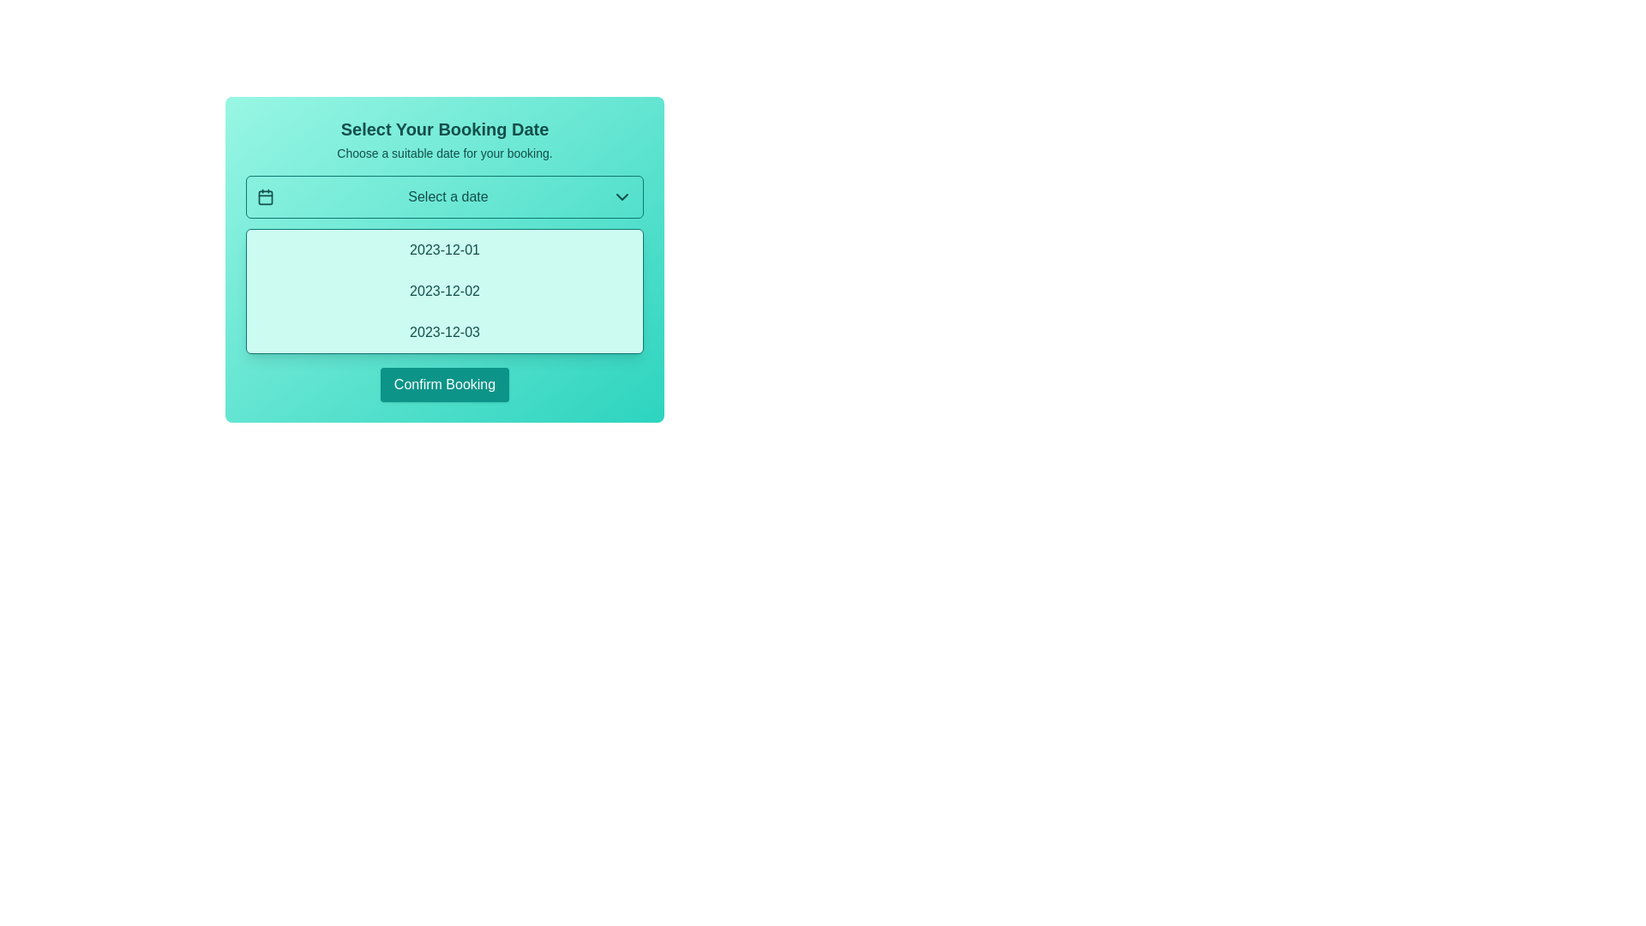 This screenshot has height=926, width=1646. I want to click on the text block that says 'Select Your Booking Date' with a gradient teal background, located at the upper portion of the card, so click(444, 138).